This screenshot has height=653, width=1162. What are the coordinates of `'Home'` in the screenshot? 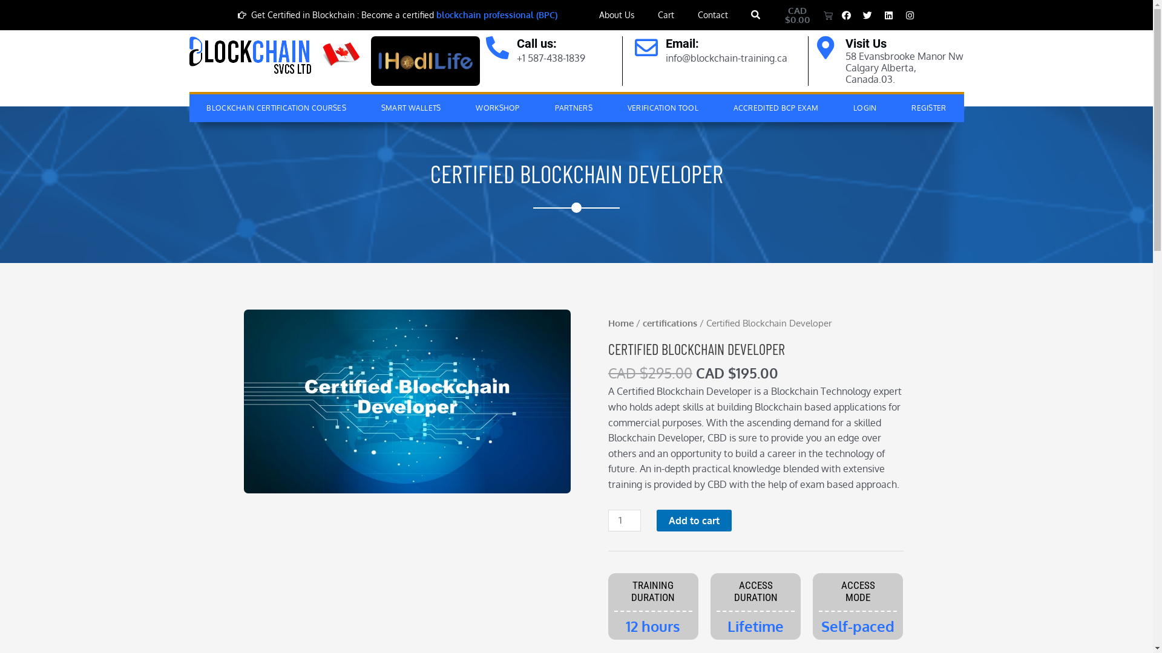 It's located at (621, 322).